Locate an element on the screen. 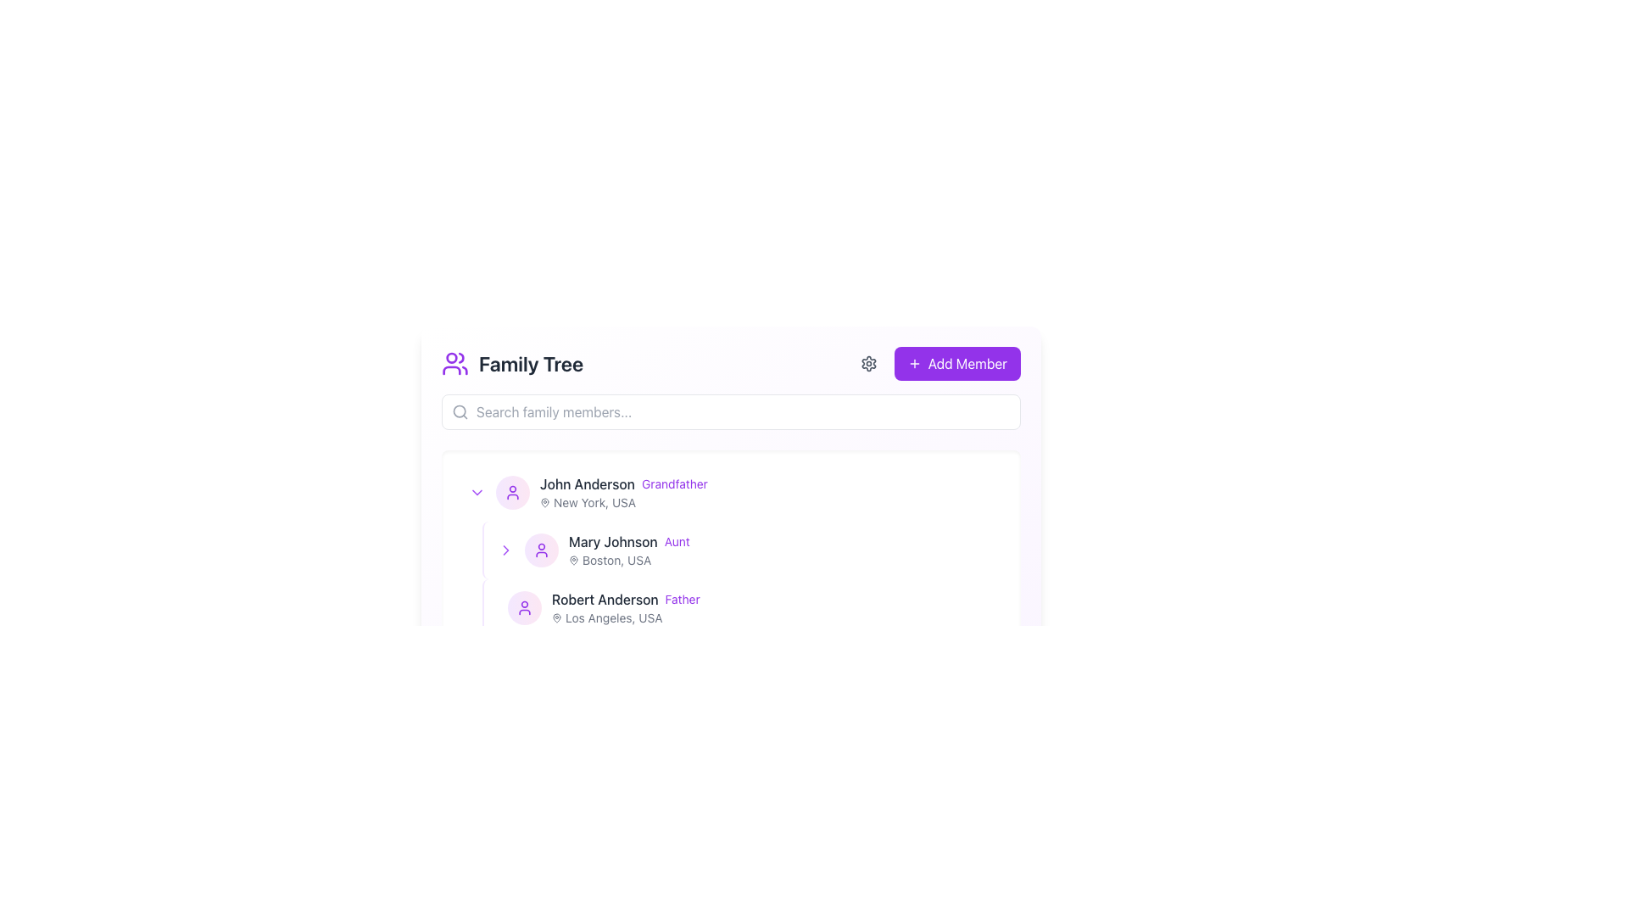 This screenshot has height=916, width=1628. the right-pointing arrow icon with a thin purple outline located to the left of the entry labeled 'Mary Johnson Aunt' is located at coordinates (505, 550).